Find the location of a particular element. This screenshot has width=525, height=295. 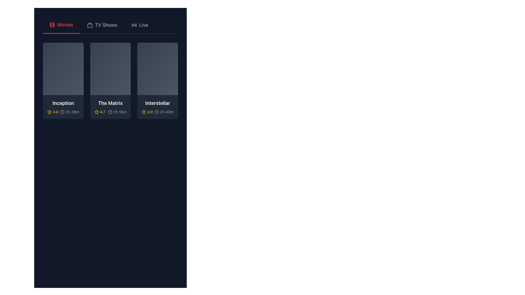

the Rating display showing '4.8' with a yellow star icon in the bottom left corner of the first movie card is located at coordinates (53, 111).